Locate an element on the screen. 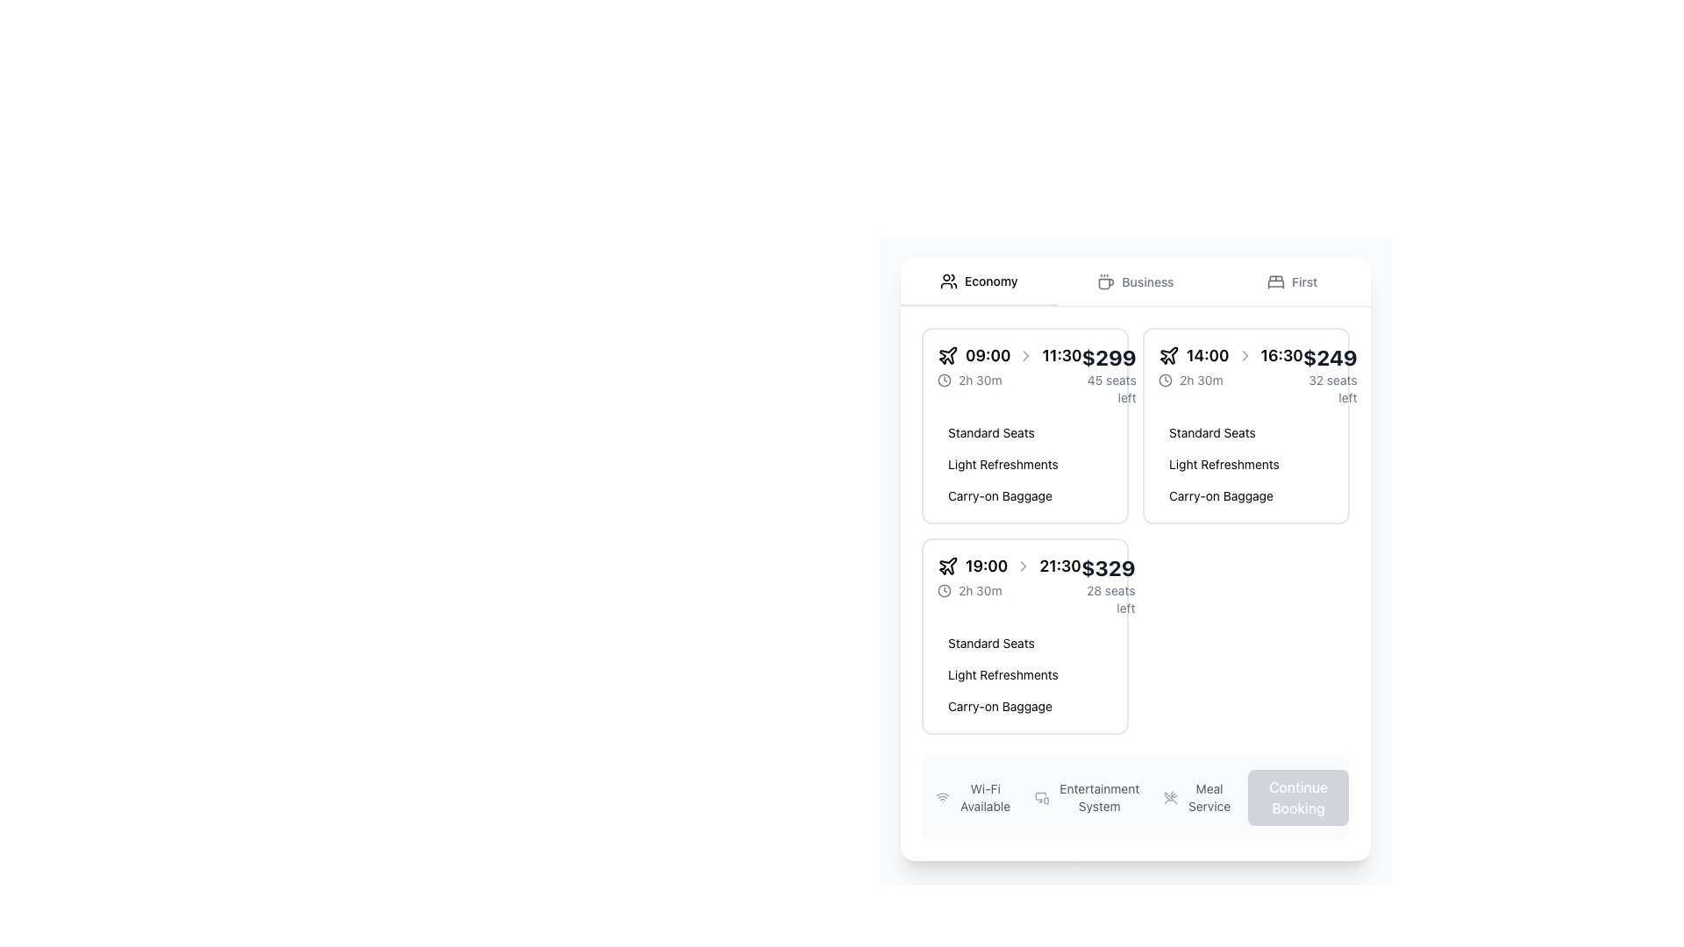 This screenshot has width=1684, height=947. the second text label that indicates the inclusion of light refreshments in the flight package, located in the flight information section under the details for the flight departing at 14:00 is located at coordinates (1223, 463).